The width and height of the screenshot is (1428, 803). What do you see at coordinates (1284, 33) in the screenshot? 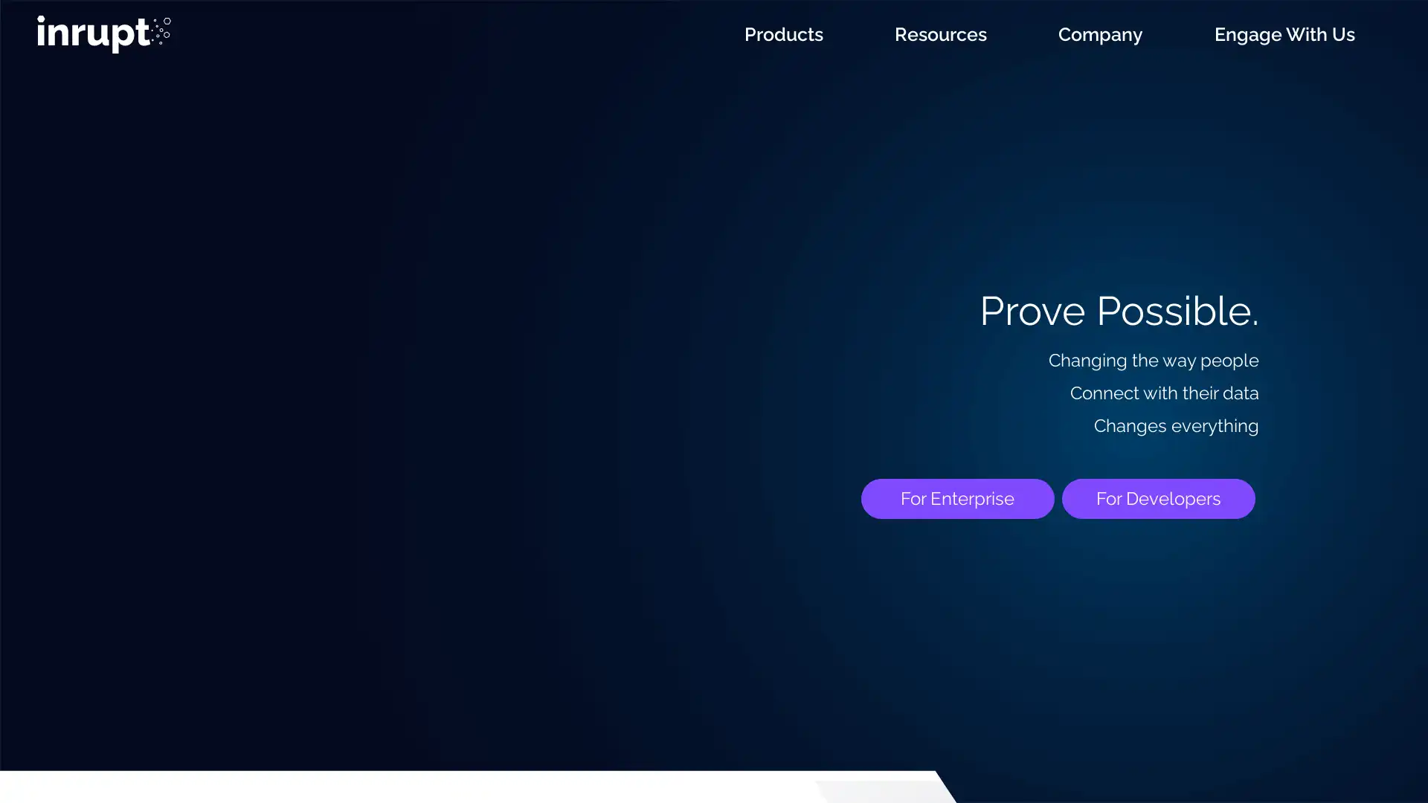
I see `Engage With Us` at bounding box center [1284, 33].